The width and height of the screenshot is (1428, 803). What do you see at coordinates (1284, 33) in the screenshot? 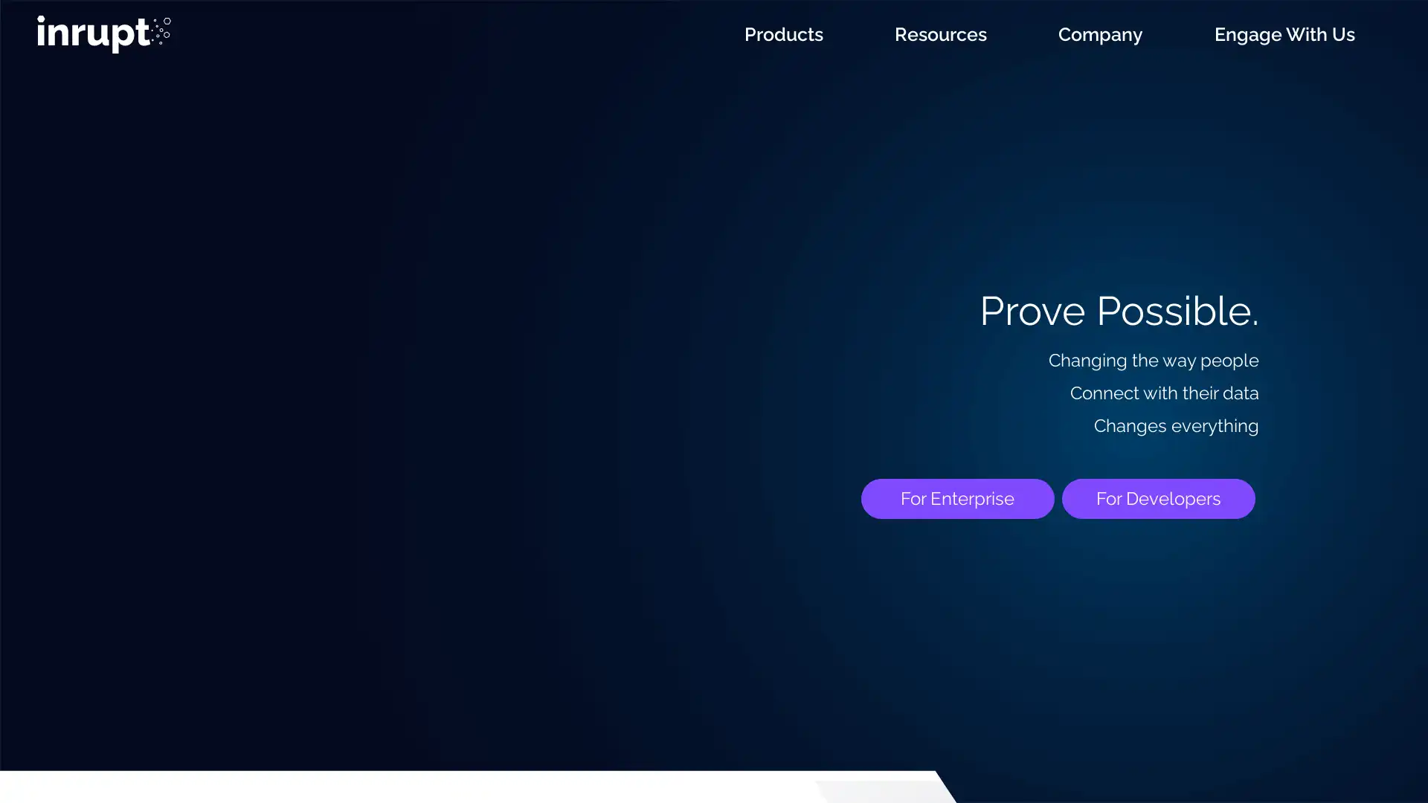
I see `Engage With Us` at bounding box center [1284, 33].